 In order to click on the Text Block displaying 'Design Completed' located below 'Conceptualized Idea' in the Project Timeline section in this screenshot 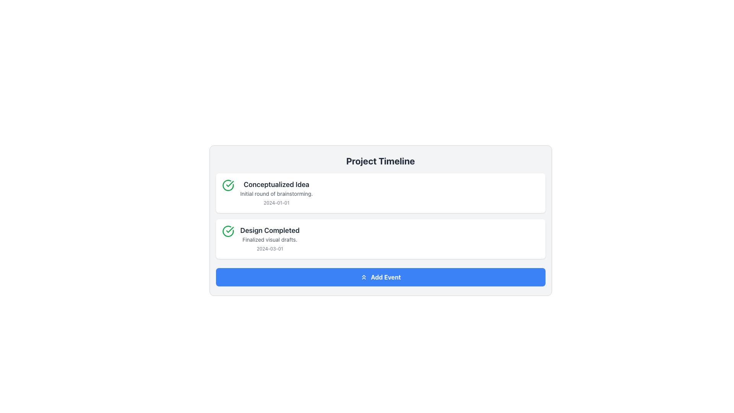, I will do `click(270, 238)`.